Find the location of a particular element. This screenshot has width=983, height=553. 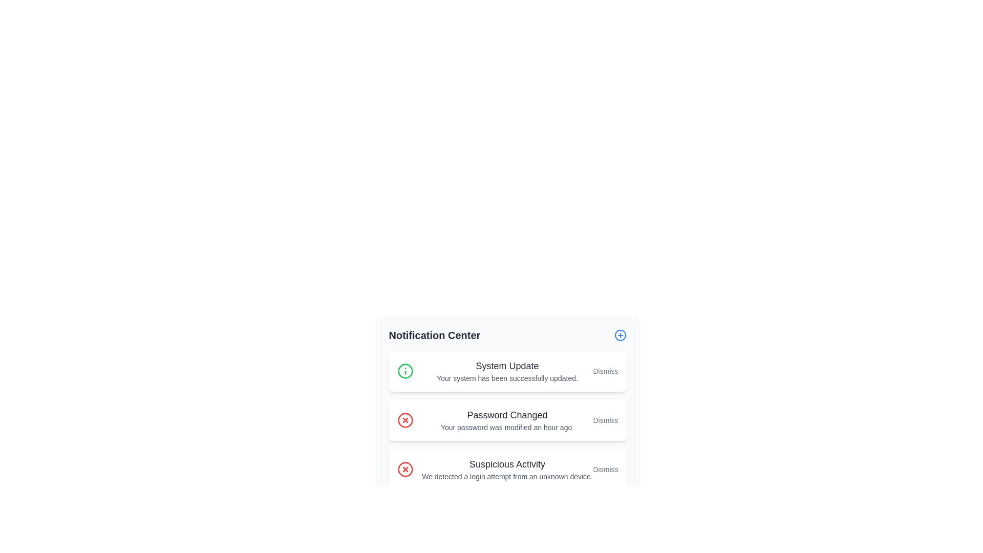

SVG Circle element that forms part of the close button for the 'Password Changed' notification by interacting with its center point is located at coordinates (404, 420).